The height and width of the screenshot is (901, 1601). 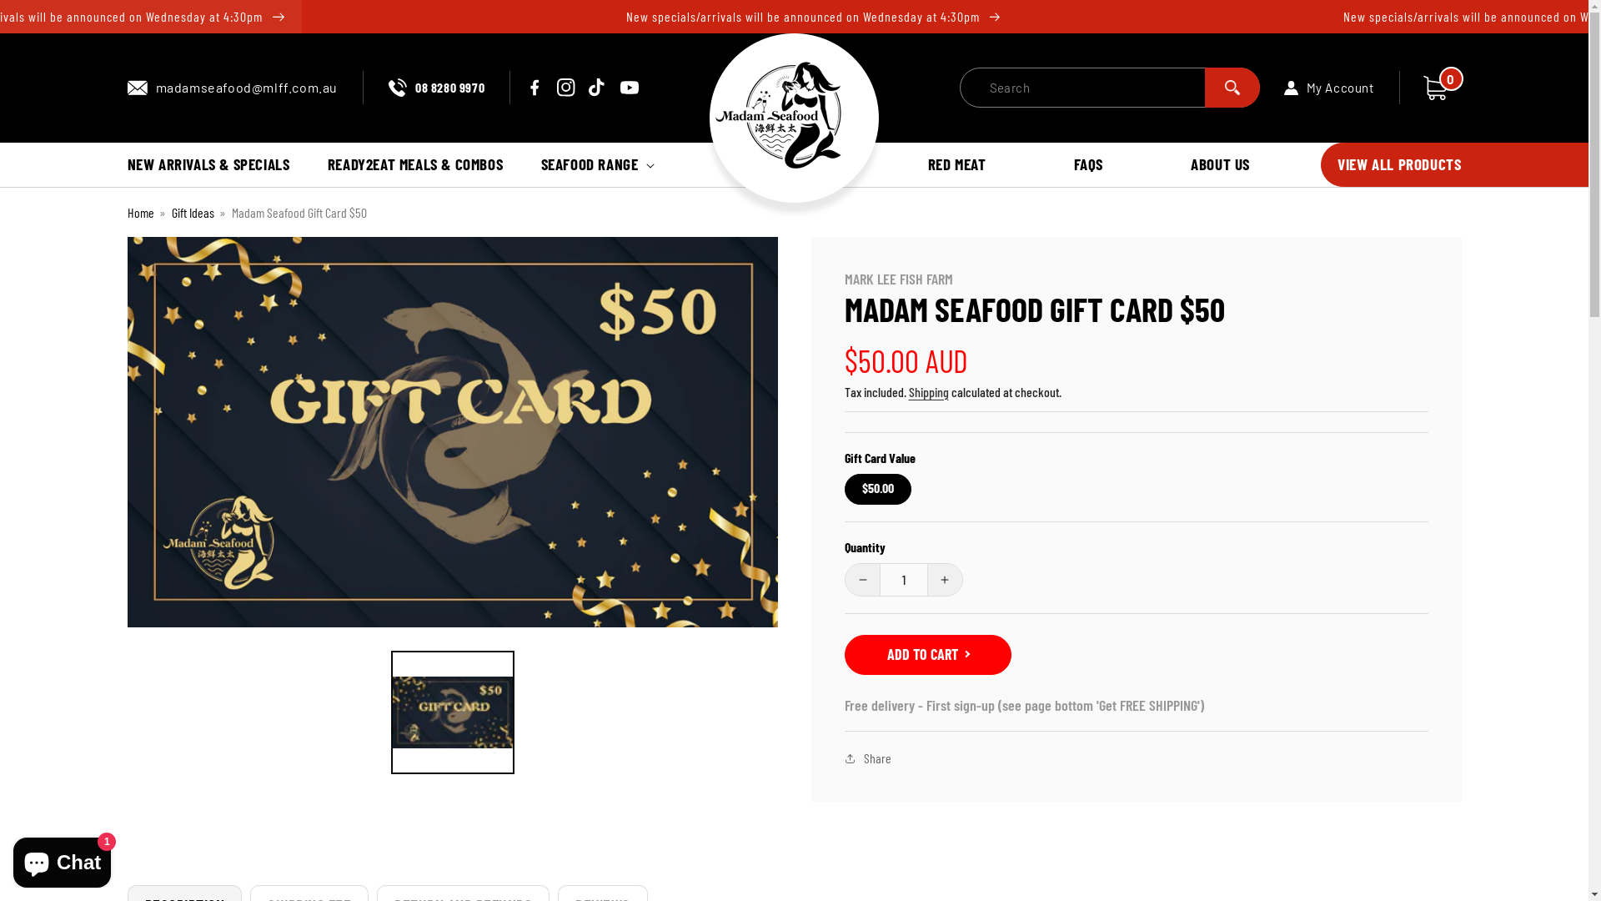 I want to click on 'Instagram', so click(x=565, y=87).